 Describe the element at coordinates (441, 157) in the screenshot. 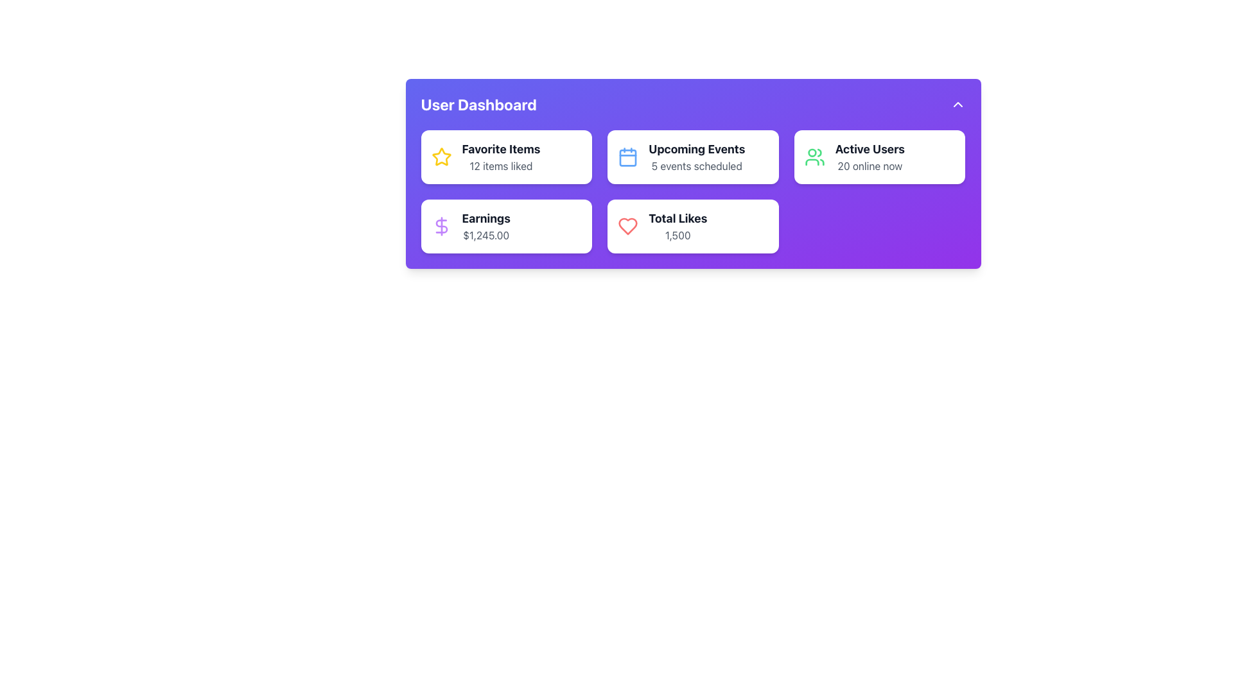

I see `the yellow star-shaped icon outlined in a card on the purple dashboard to interact with it` at that location.